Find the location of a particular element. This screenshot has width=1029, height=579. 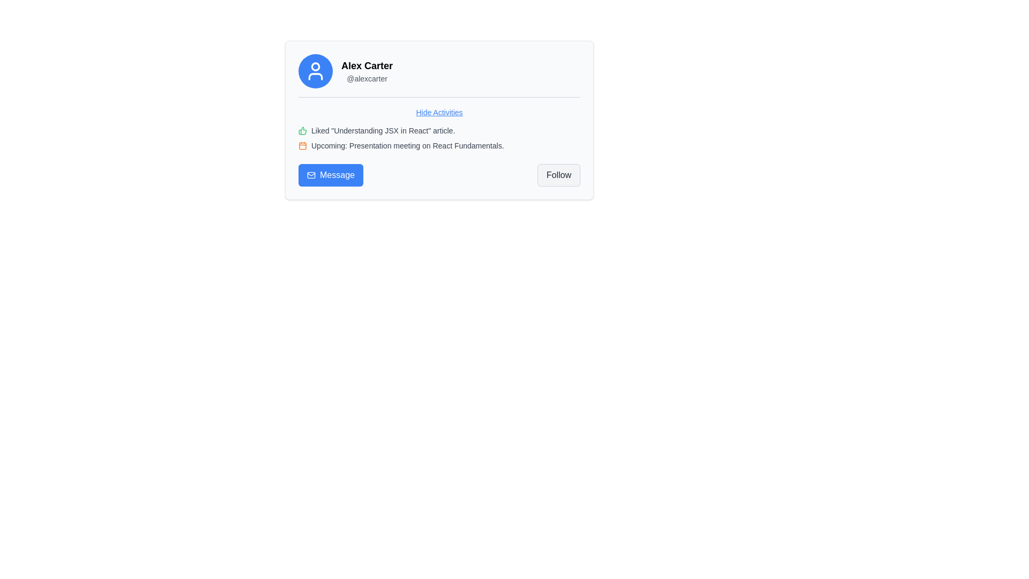

the orange calendar icon, which is positioned to the left of the text 'Upcoming: Presentation meeting on React Fundamentals' is located at coordinates (302, 146).